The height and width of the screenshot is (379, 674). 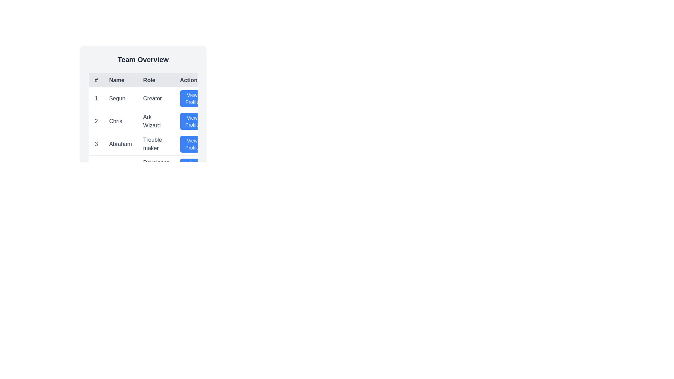 I want to click on the blue 'View Profile' button with white text located in the second action column of the data table for the row labeled 'Chris', so click(x=195, y=121).